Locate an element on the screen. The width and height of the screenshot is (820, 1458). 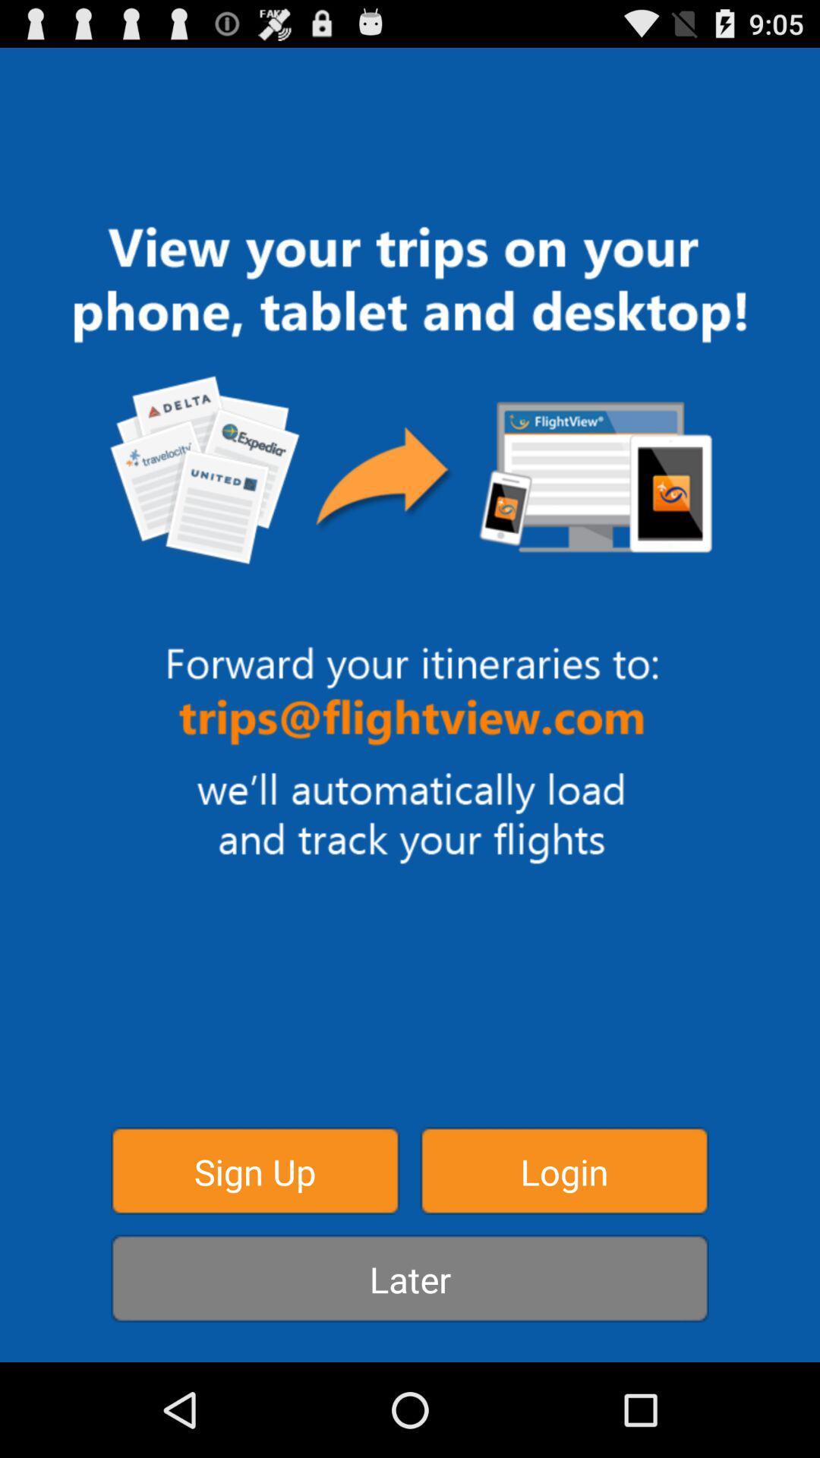
icon above the later icon is located at coordinates (564, 1169).